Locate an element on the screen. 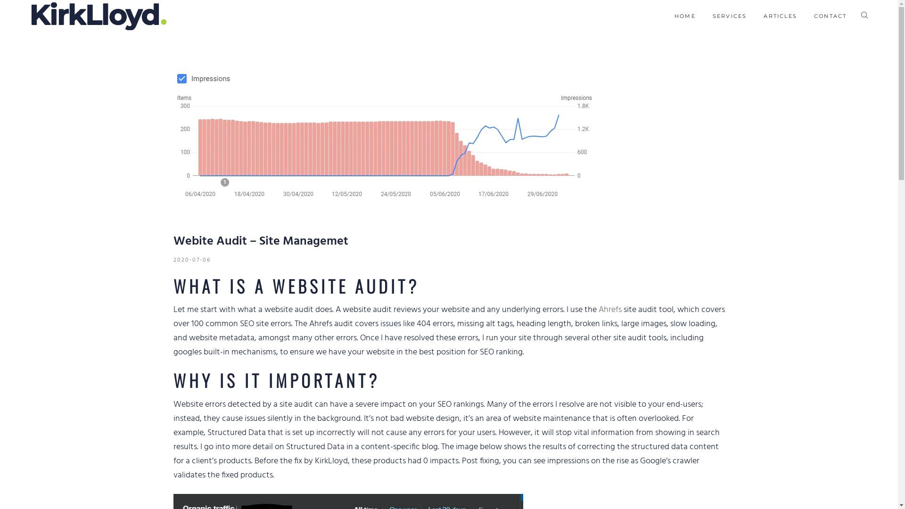  'Ahrefs' is located at coordinates (610, 310).